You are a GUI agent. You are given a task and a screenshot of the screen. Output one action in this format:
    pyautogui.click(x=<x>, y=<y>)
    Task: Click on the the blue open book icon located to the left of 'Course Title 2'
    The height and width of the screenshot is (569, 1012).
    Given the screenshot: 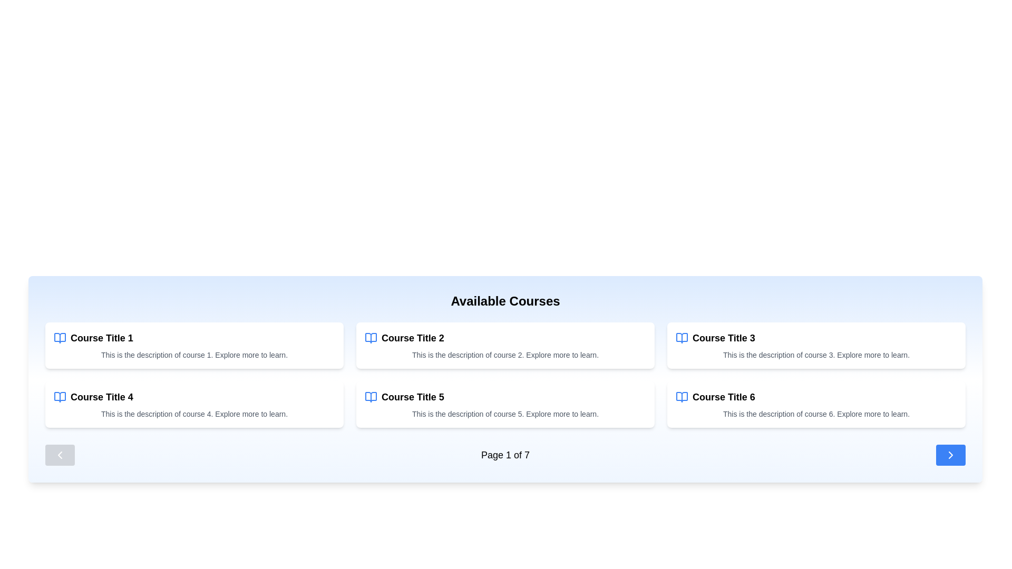 What is the action you would take?
    pyautogui.click(x=371, y=338)
    